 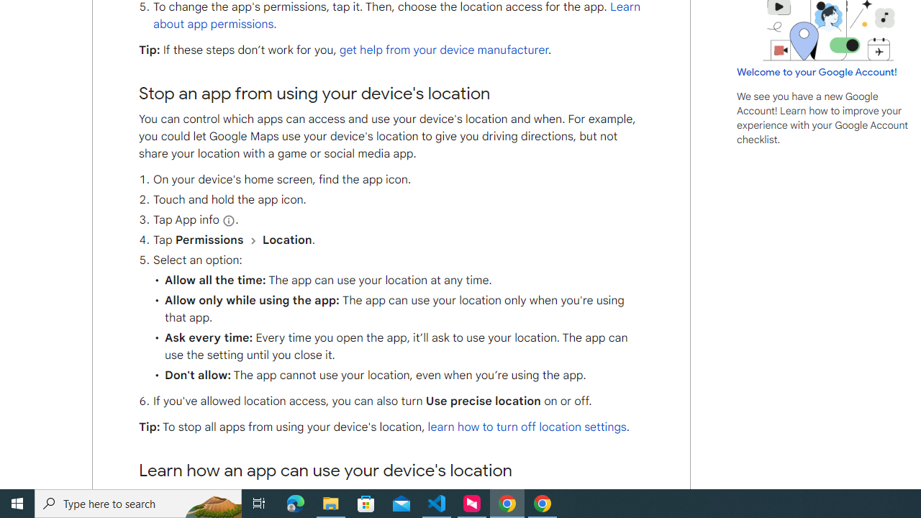 I want to click on 'Learn about app permissions.', so click(x=396, y=15).